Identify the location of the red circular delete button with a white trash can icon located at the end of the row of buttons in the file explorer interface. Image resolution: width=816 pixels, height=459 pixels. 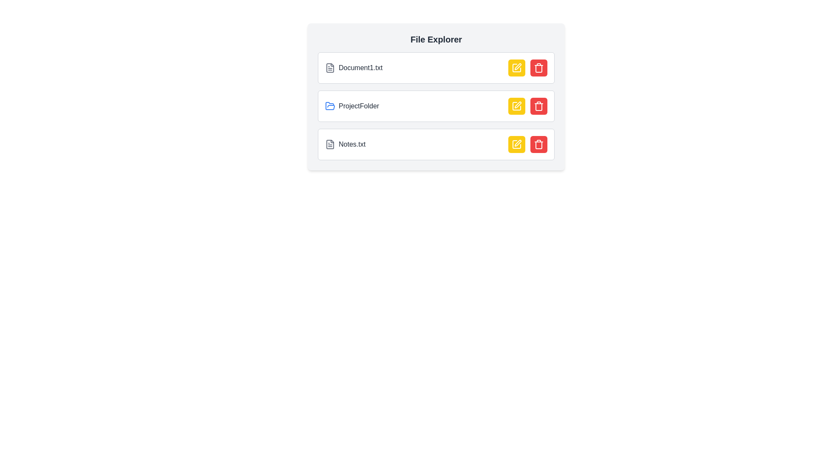
(538, 106).